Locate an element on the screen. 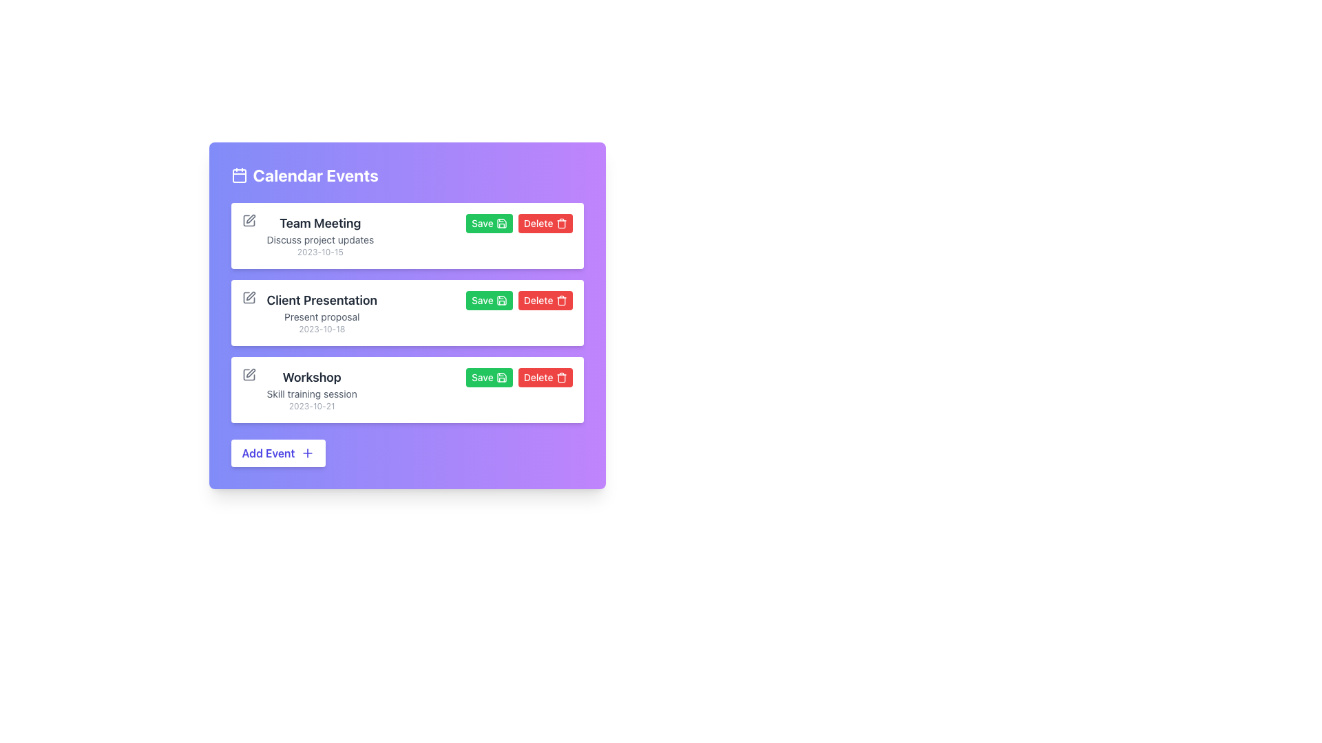 This screenshot has width=1322, height=743. the static text element displaying 'Present proposal', which is styled in muted gray and located under the 'Client Presentation' heading is located at coordinates (321, 317).